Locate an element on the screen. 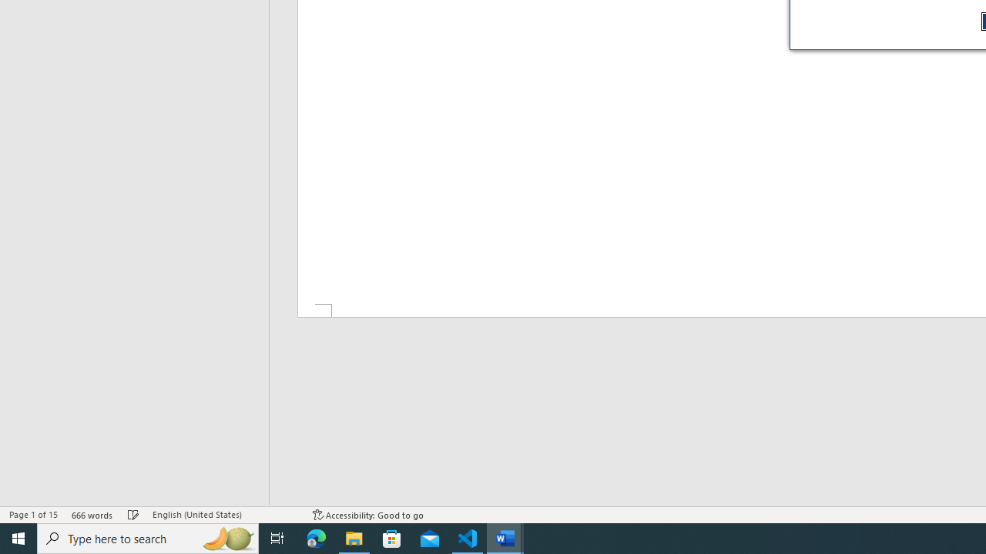 Image resolution: width=986 pixels, height=554 pixels. 'Task View' is located at coordinates (277, 537).